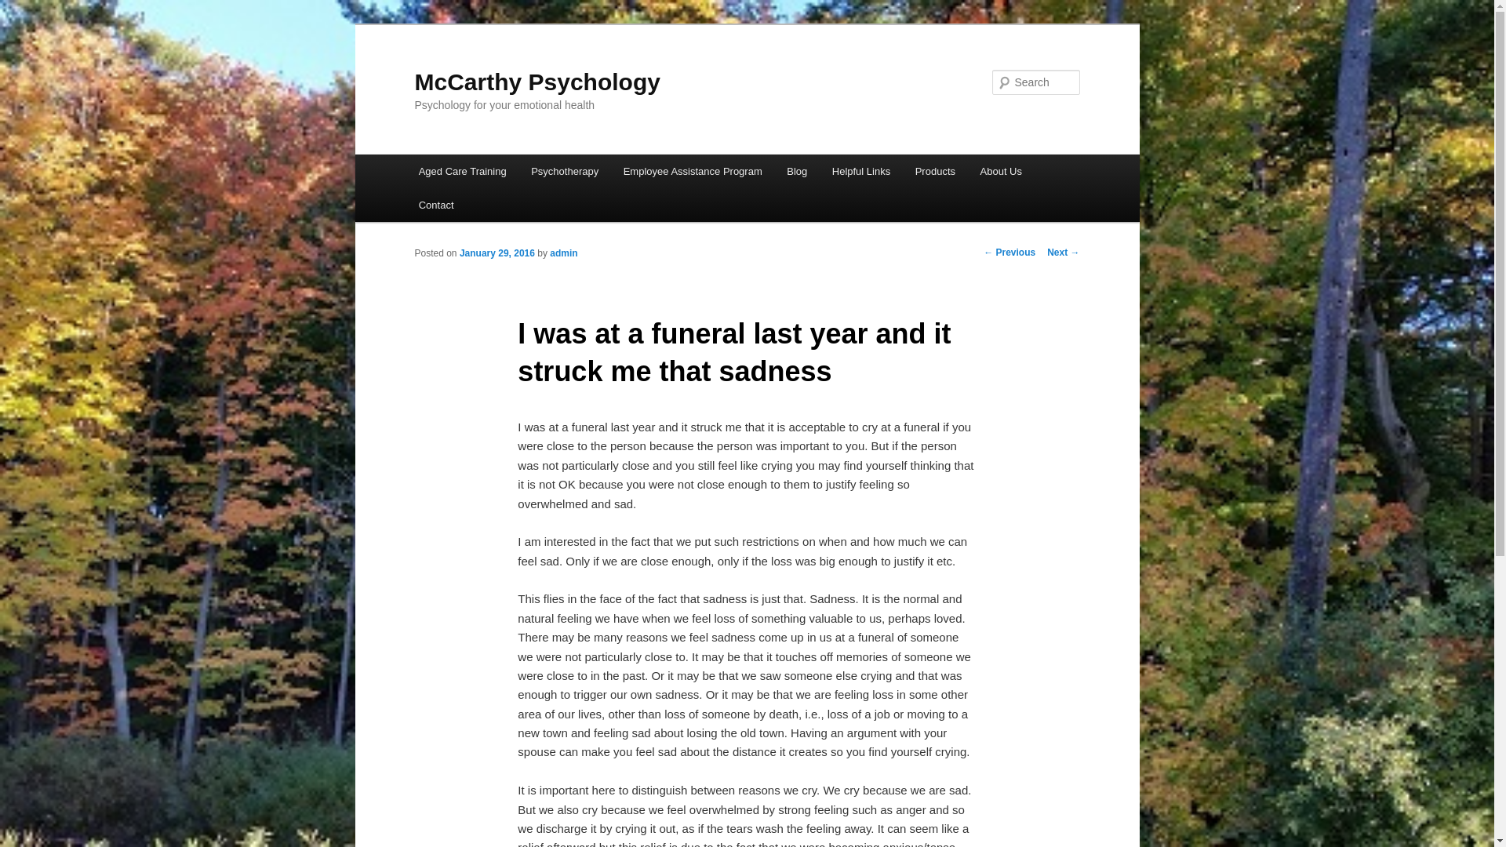 The width and height of the screenshot is (1506, 847). What do you see at coordinates (24, 24) in the screenshot?
I see `'Skip to primary content'` at bounding box center [24, 24].